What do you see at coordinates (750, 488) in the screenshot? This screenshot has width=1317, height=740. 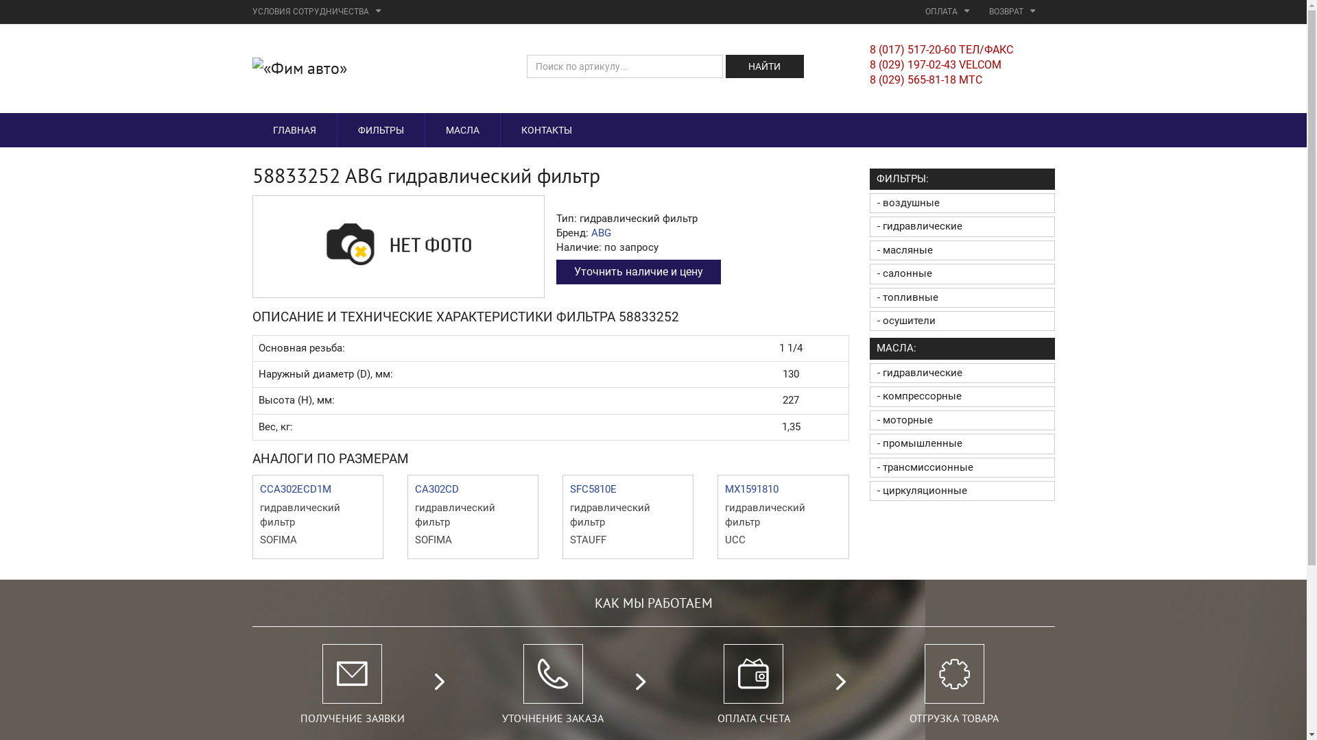 I see `'MX1591810'` at bounding box center [750, 488].